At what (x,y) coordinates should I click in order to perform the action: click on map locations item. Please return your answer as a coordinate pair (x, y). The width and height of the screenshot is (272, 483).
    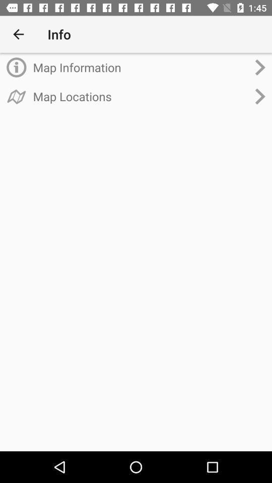
    Looking at the image, I should click on (140, 96).